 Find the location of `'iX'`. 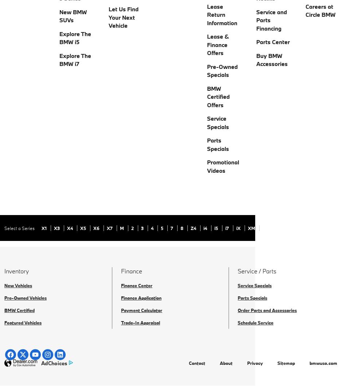

'iX' is located at coordinates (238, 227).